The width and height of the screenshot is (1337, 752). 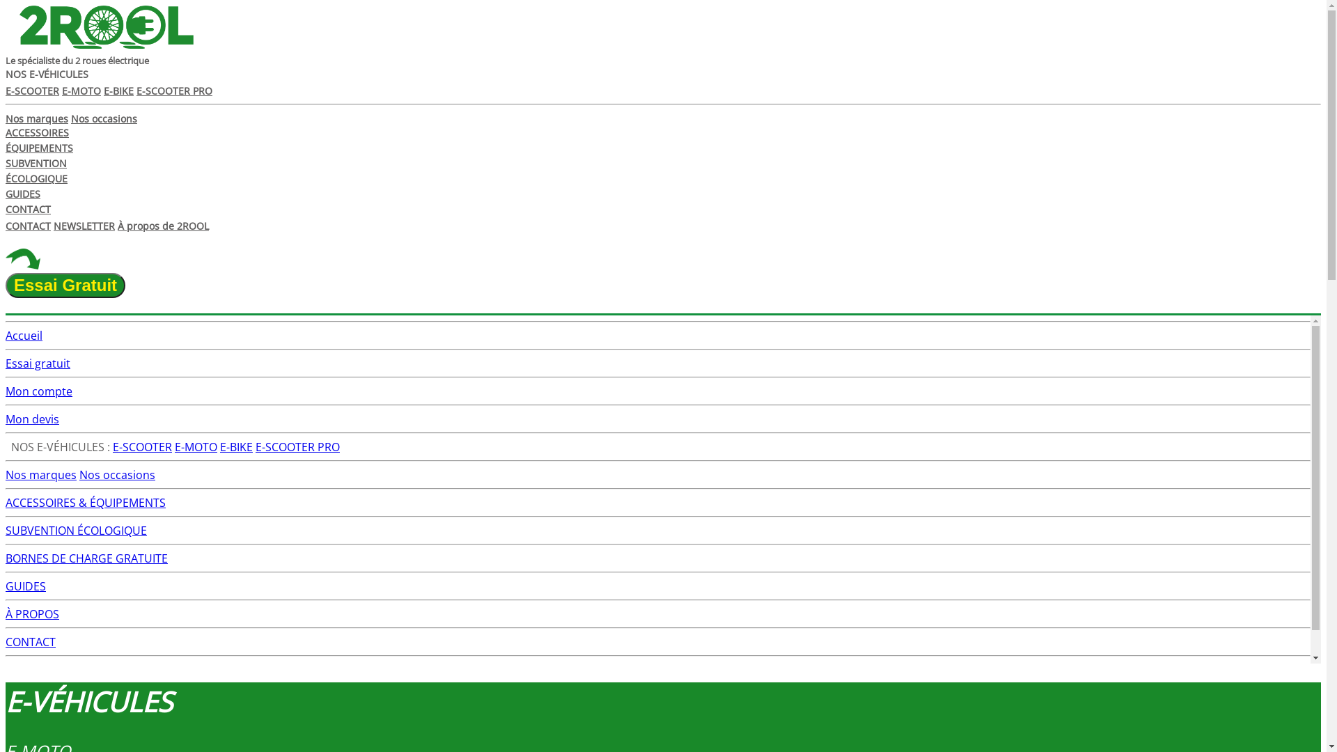 I want to click on 'BORNES DE CHARGE GRATUITE', so click(x=86, y=558).